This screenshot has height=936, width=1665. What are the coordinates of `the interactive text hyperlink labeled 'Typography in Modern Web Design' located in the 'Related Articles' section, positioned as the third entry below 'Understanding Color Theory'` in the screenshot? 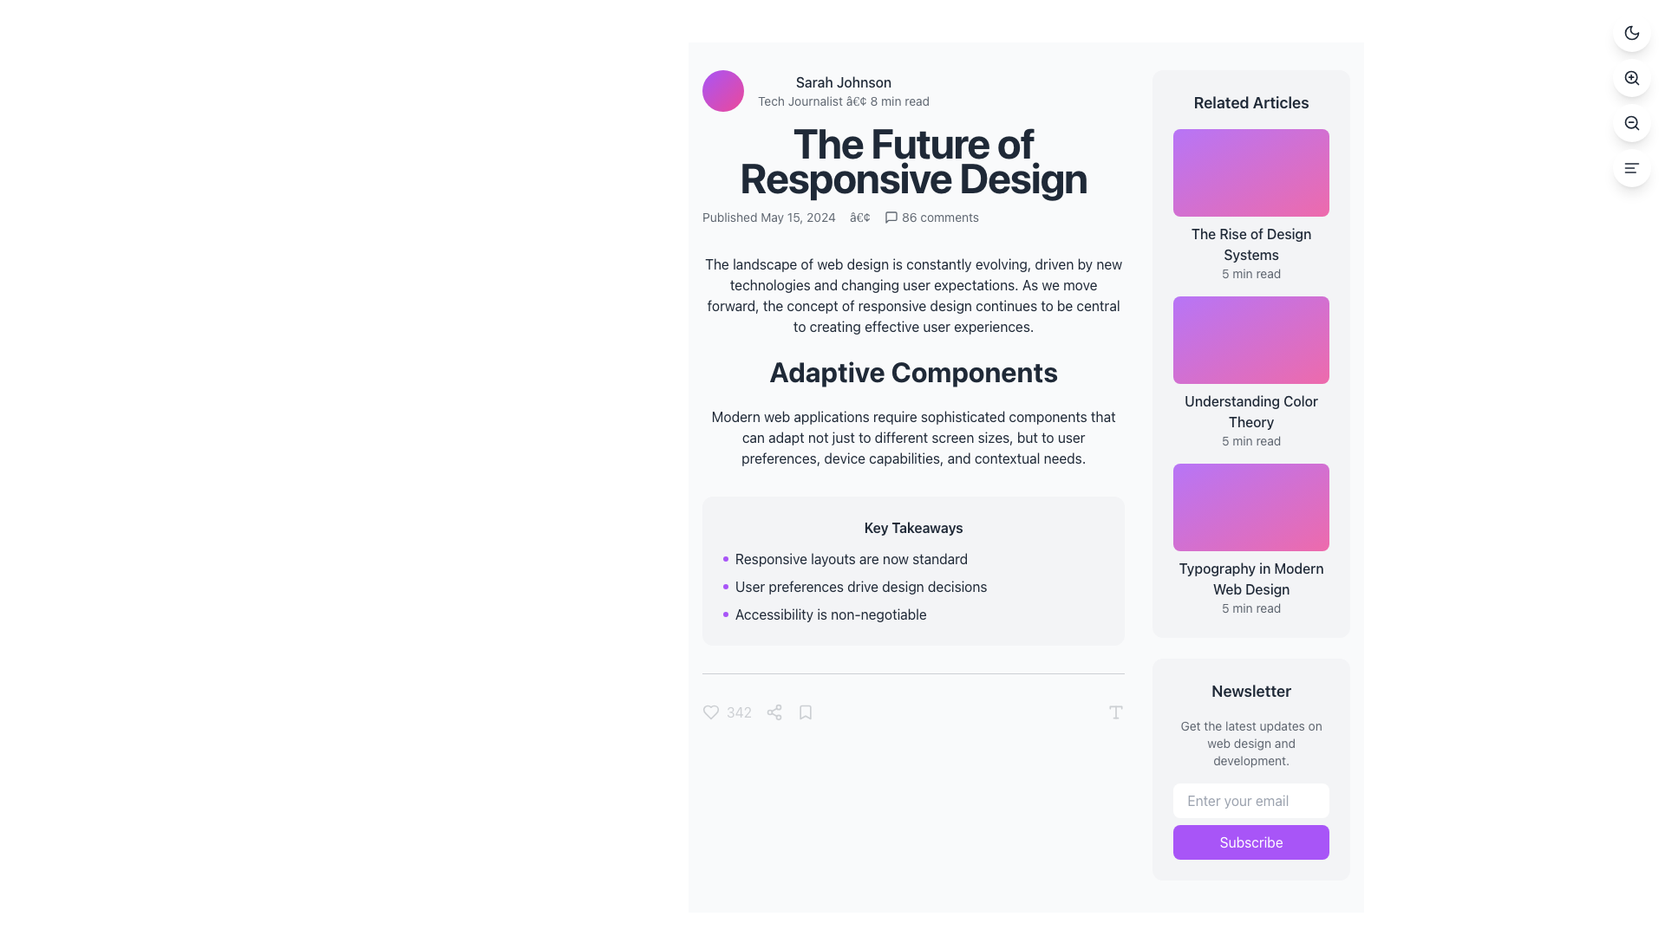 It's located at (1251, 579).